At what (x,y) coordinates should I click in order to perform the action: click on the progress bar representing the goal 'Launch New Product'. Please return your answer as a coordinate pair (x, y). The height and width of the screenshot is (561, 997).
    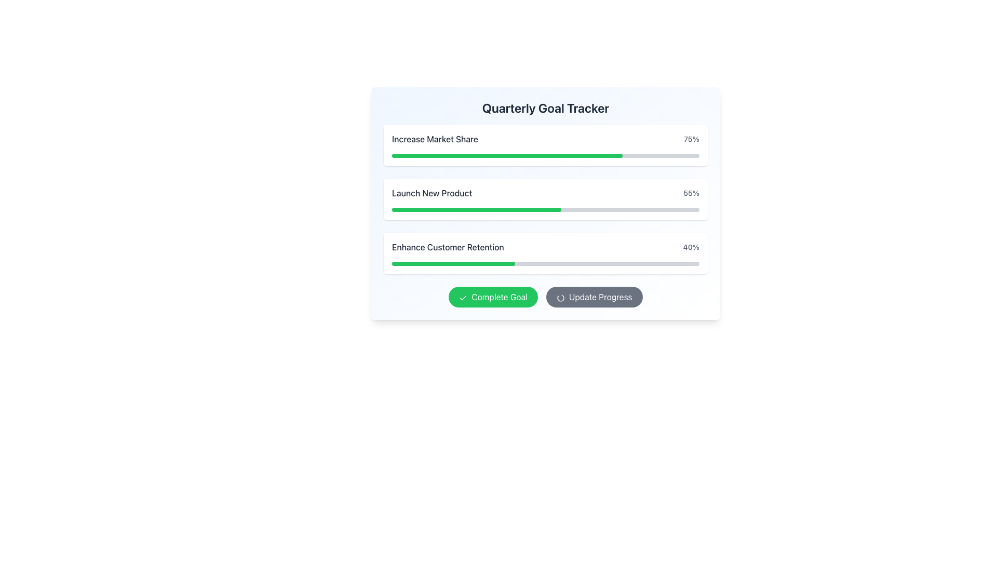
    Looking at the image, I should click on (545, 199).